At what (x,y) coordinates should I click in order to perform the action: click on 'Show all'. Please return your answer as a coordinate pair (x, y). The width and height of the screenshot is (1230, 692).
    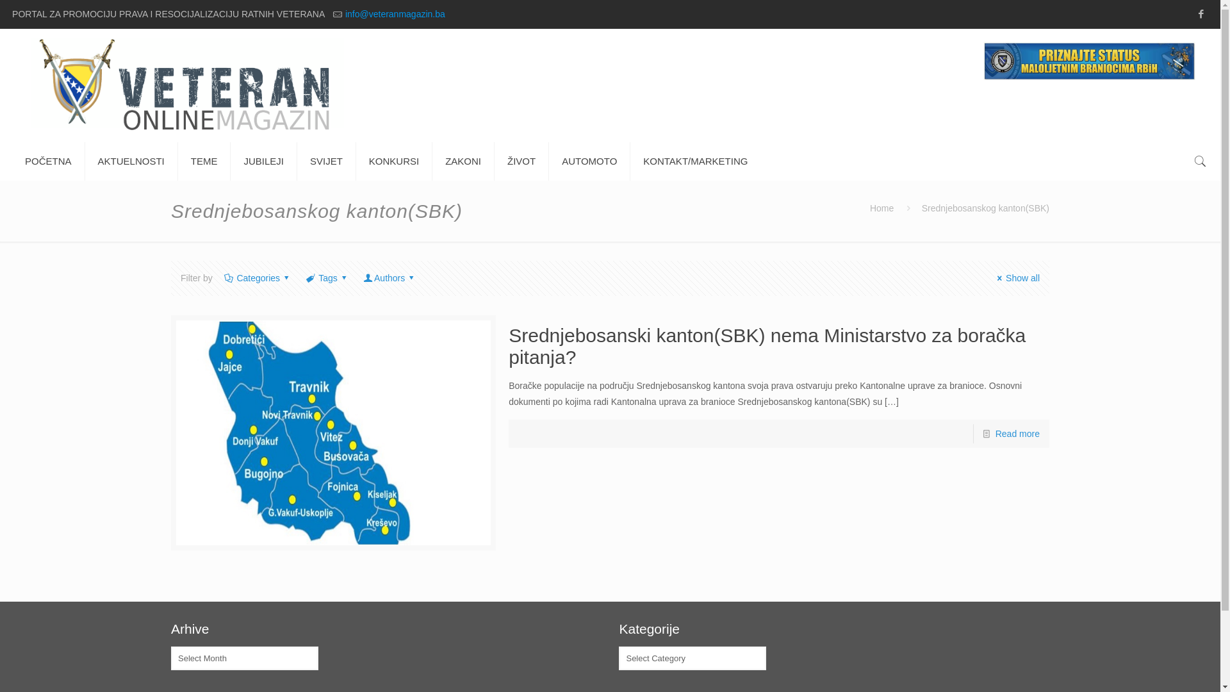
    Looking at the image, I should click on (1015, 277).